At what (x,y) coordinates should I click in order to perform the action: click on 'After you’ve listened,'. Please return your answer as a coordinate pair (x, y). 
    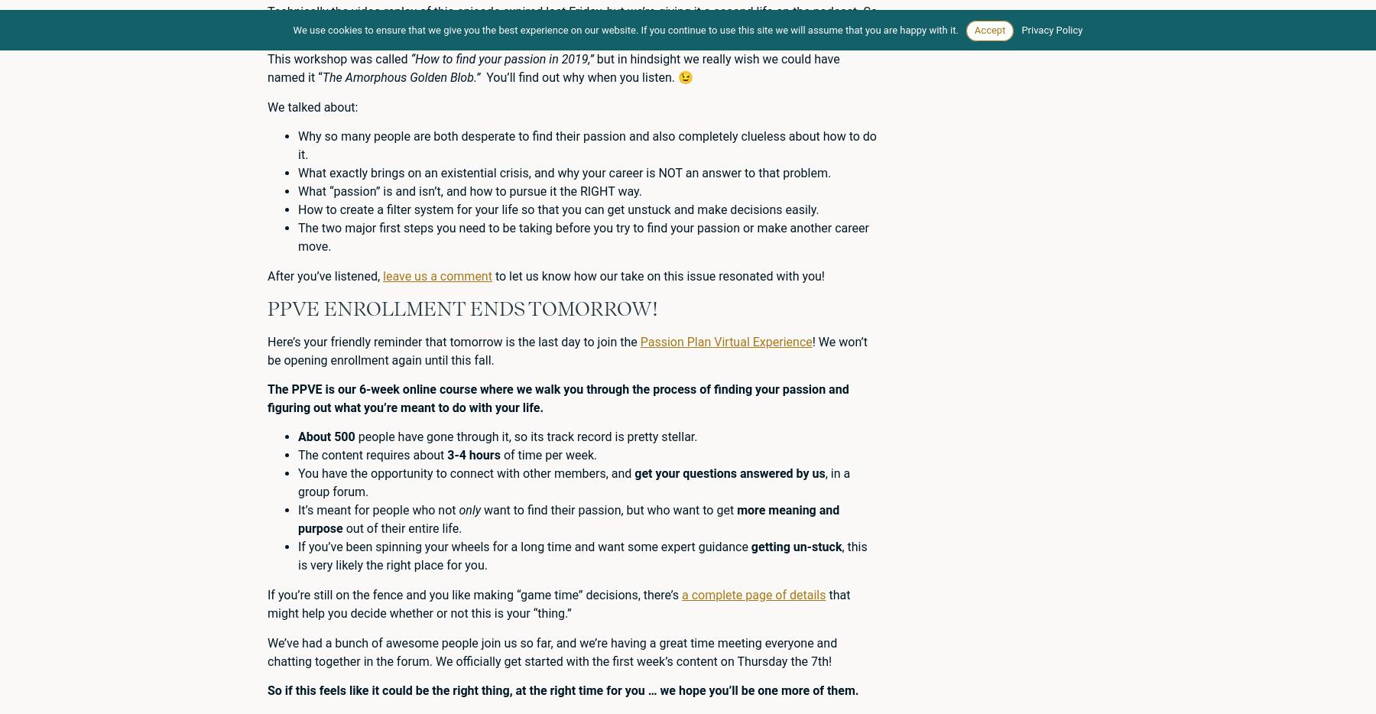
    Looking at the image, I should click on (325, 275).